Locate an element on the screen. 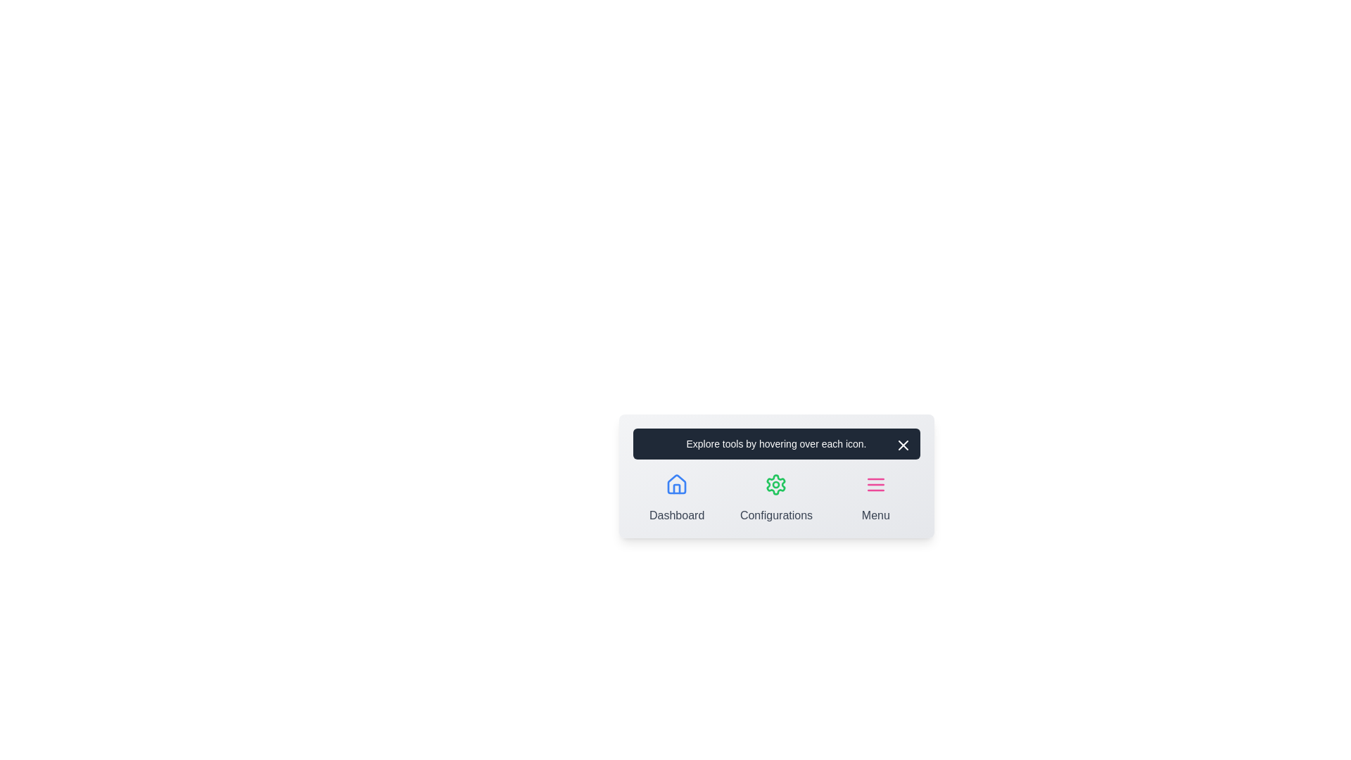  the Navigation Button located at the leftmost position in the horizontal menu is located at coordinates (677, 495).